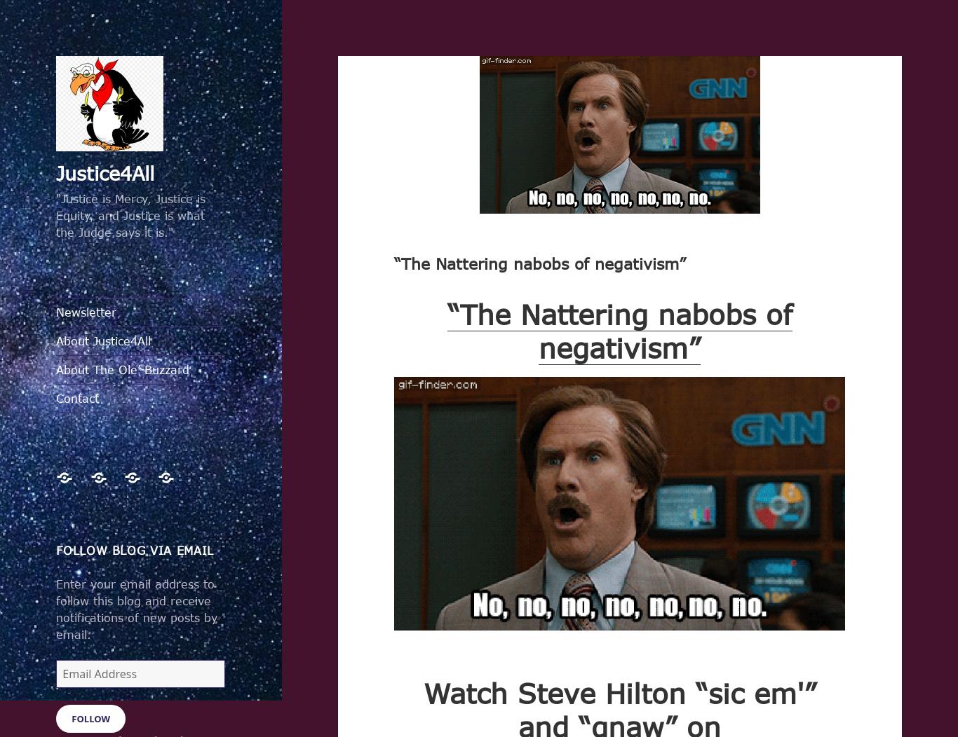  What do you see at coordinates (77, 397) in the screenshot?
I see `'Contact'` at bounding box center [77, 397].